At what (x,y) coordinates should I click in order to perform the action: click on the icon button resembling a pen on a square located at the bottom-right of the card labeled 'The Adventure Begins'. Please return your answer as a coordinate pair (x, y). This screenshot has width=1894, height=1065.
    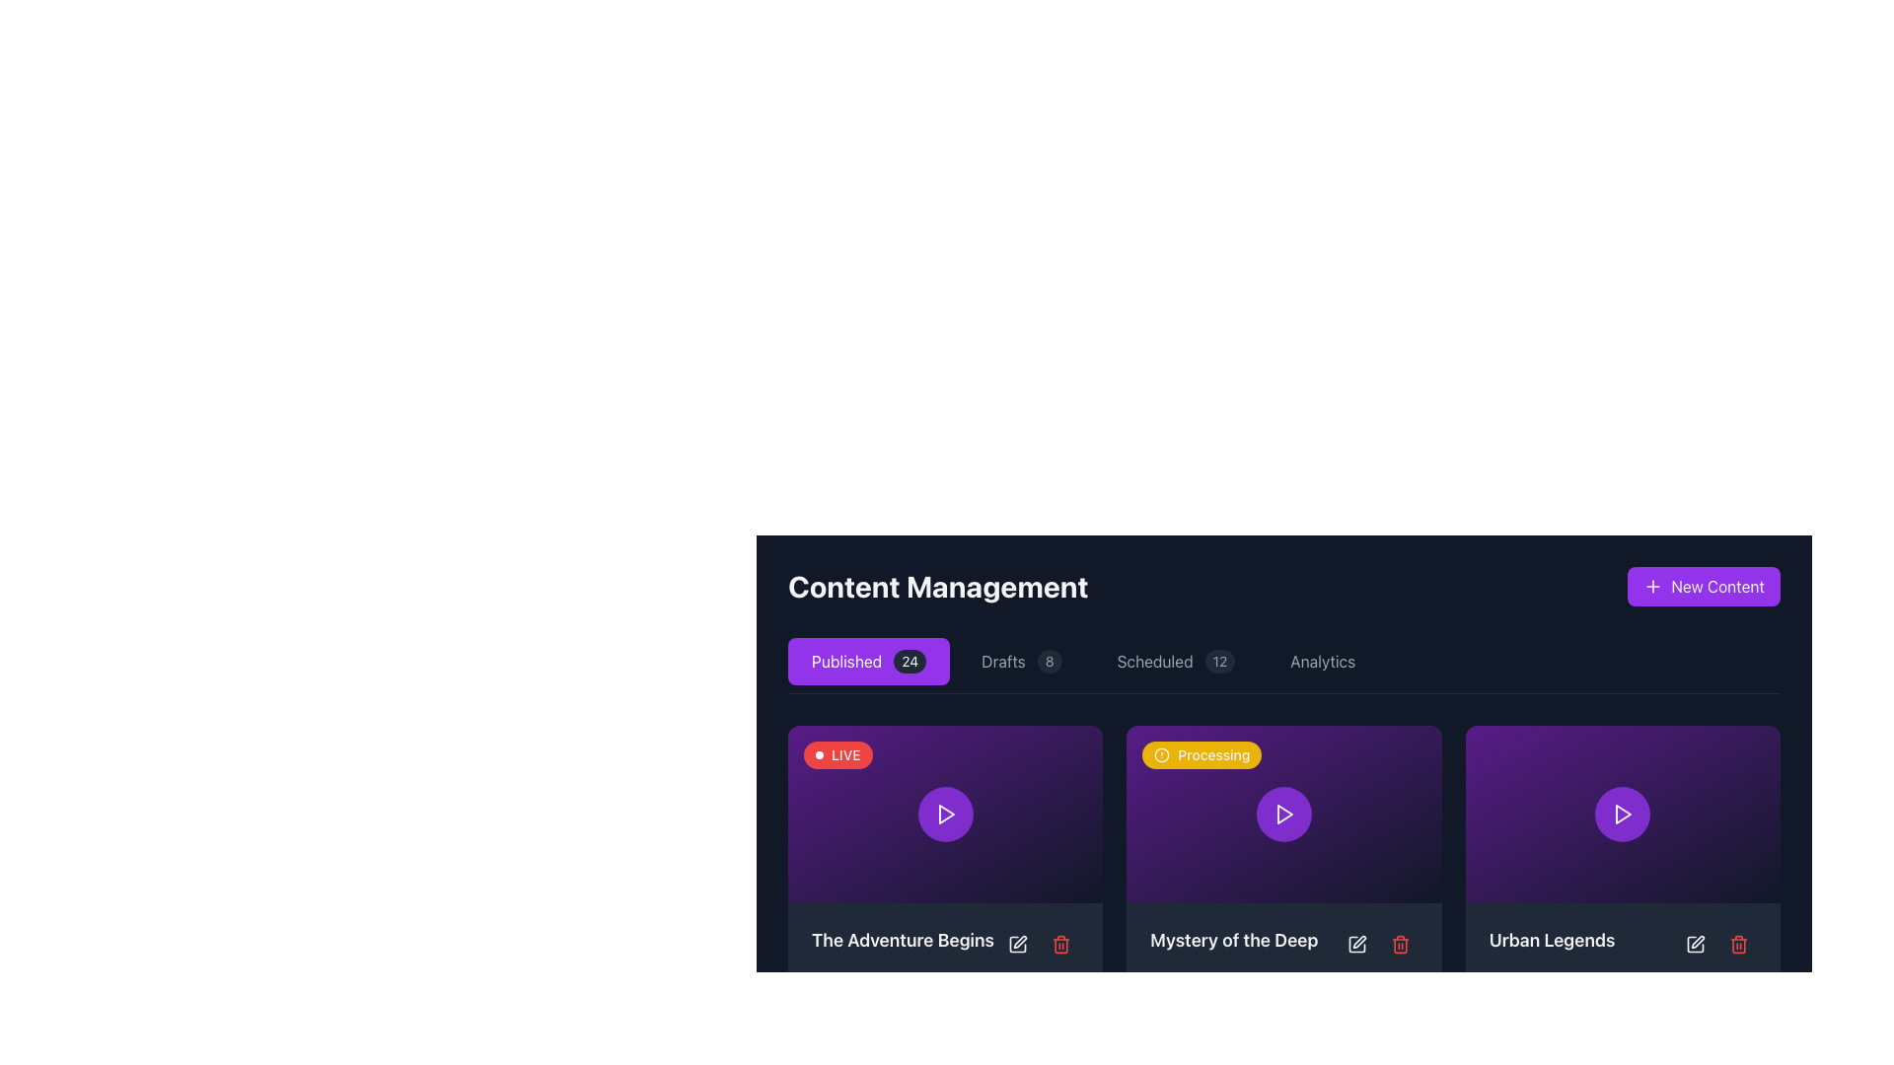
    Looking at the image, I should click on (1018, 943).